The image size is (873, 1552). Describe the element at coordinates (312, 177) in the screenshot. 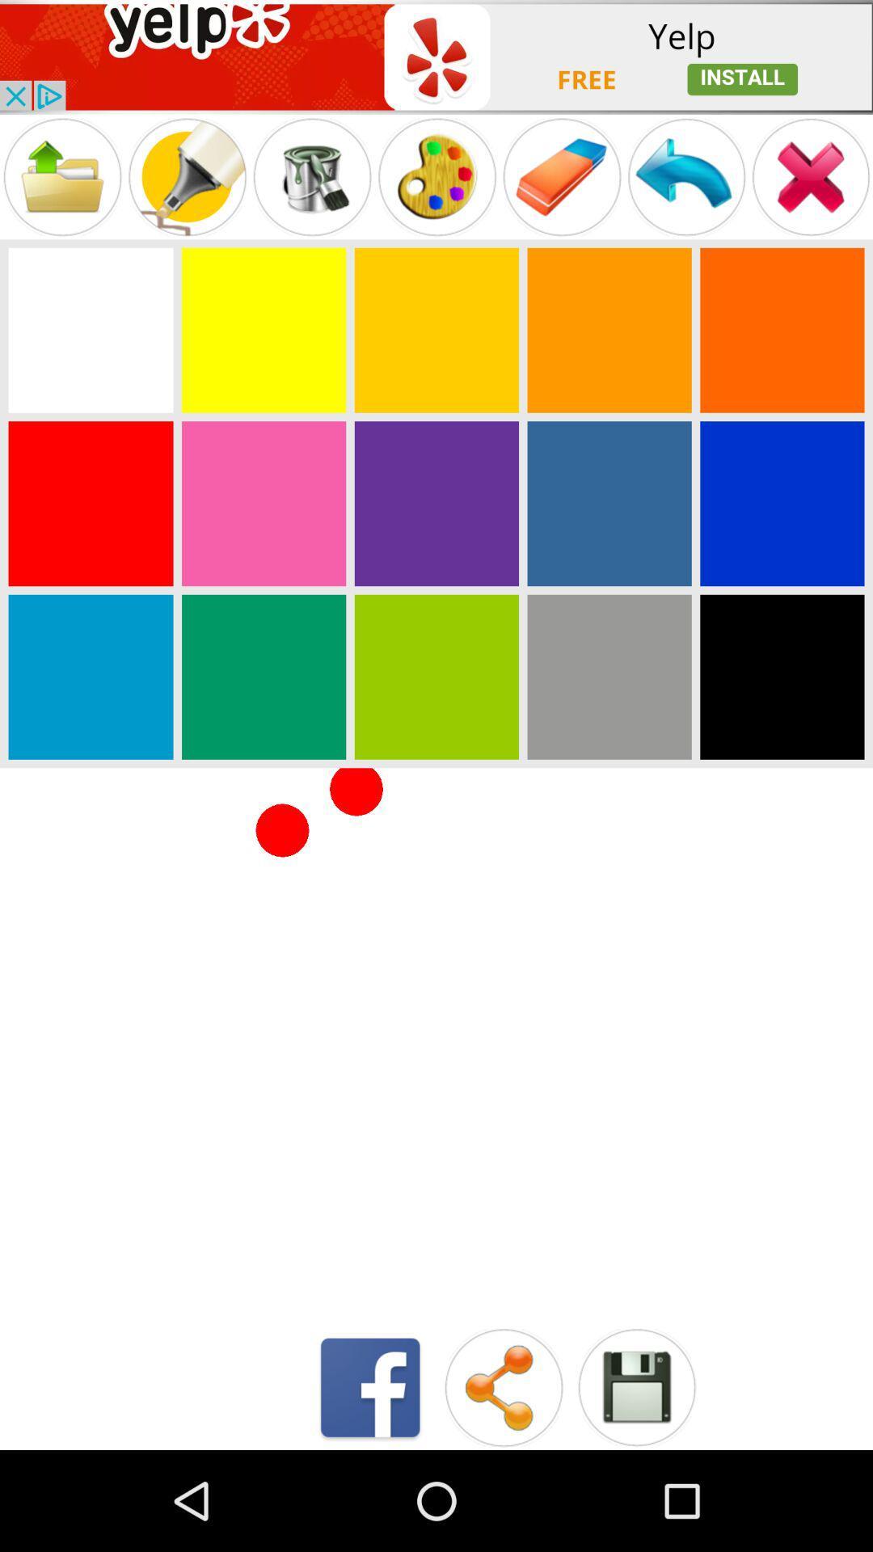

I see `brush icon` at that location.